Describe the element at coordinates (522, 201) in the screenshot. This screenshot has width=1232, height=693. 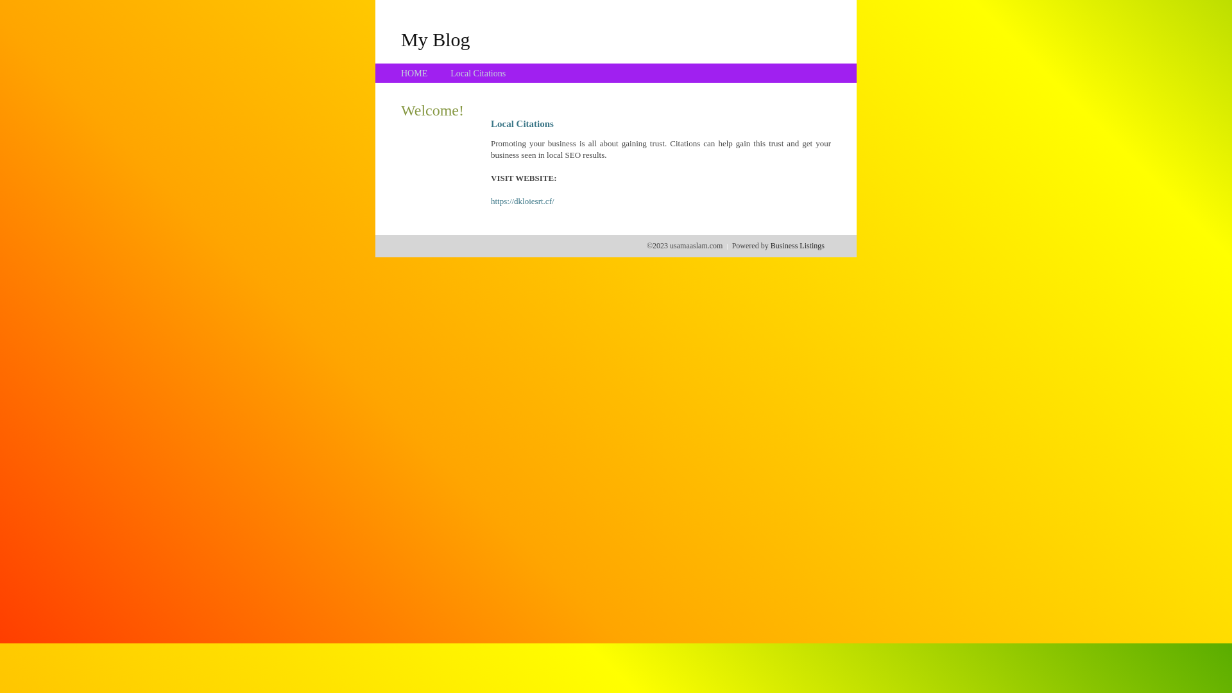
I see `'https://dkloiesrt.cf/'` at that location.